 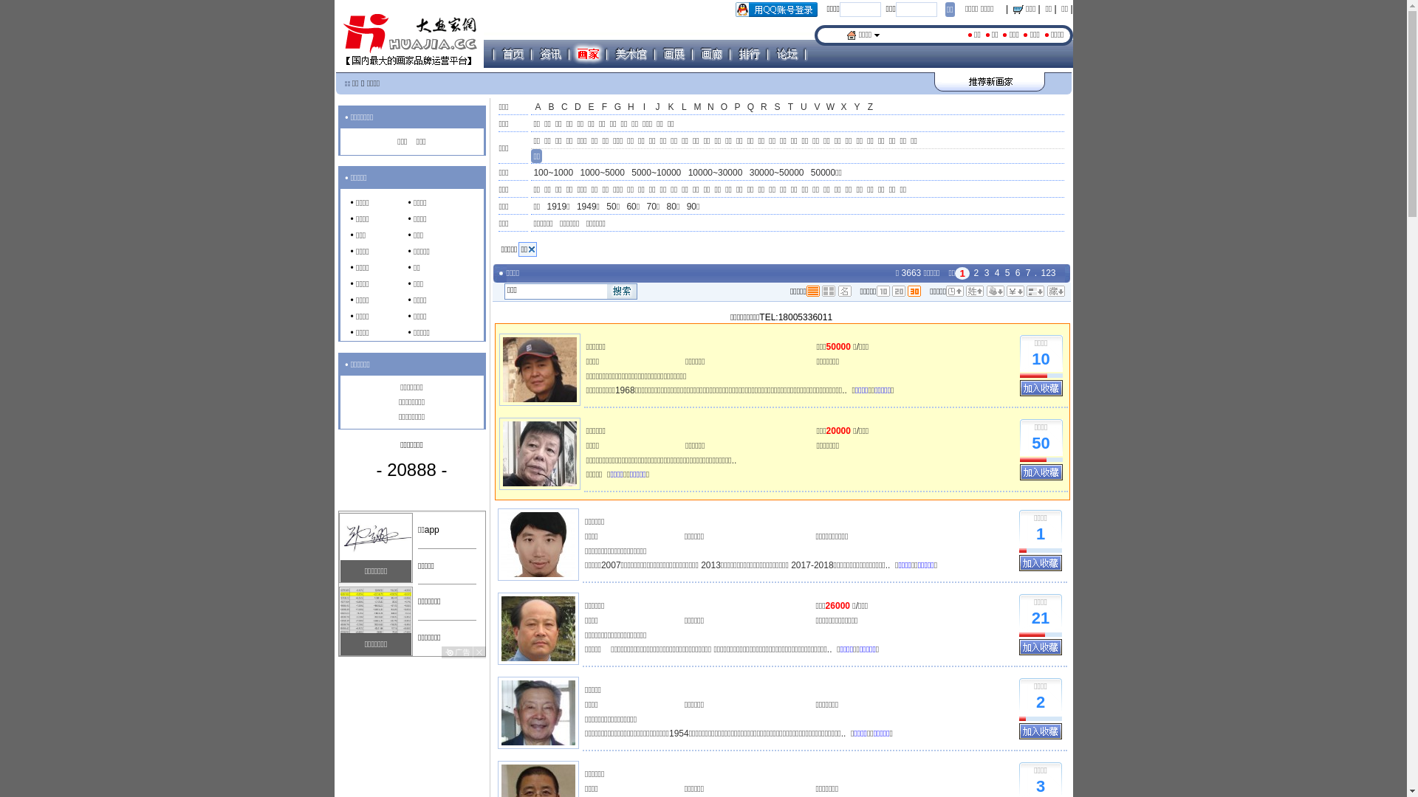 What do you see at coordinates (829, 107) in the screenshot?
I see `'W'` at bounding box center [829, 107].